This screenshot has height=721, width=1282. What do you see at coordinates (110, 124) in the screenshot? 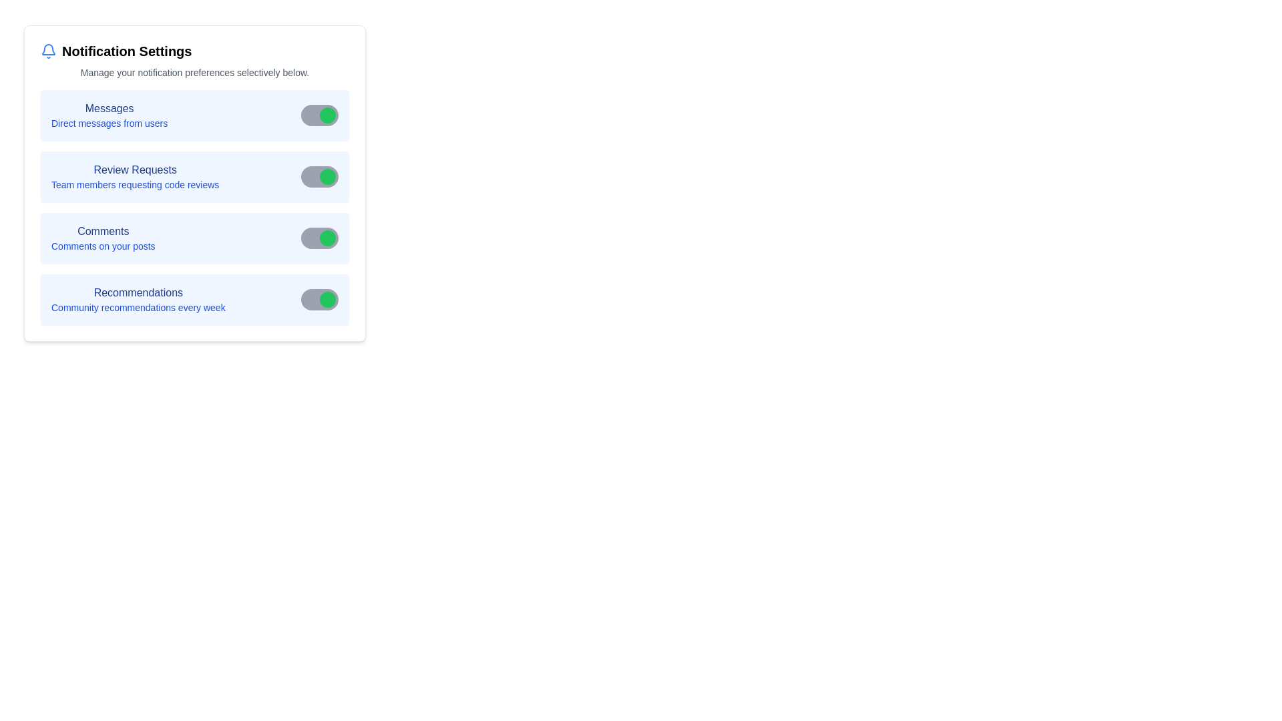
I see `the descriptive text reading 'Direct messages from users', which is styled in a smaller font size and colored blue, located directly beneath the title 'Messages' in the settings panel` at bounding box center [110, 124].